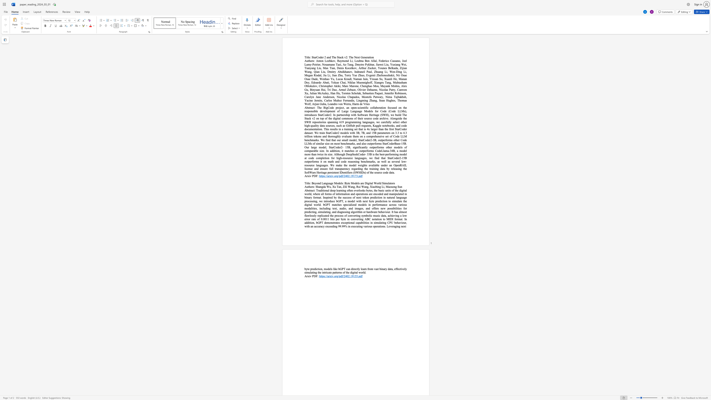 The height and width of the screenshot is (400, 711). Describe the element at coordinates (312, 276) in the screenshot. I see `the subset text "PDF:" within the text "Arxiv PDF:"` at that location.